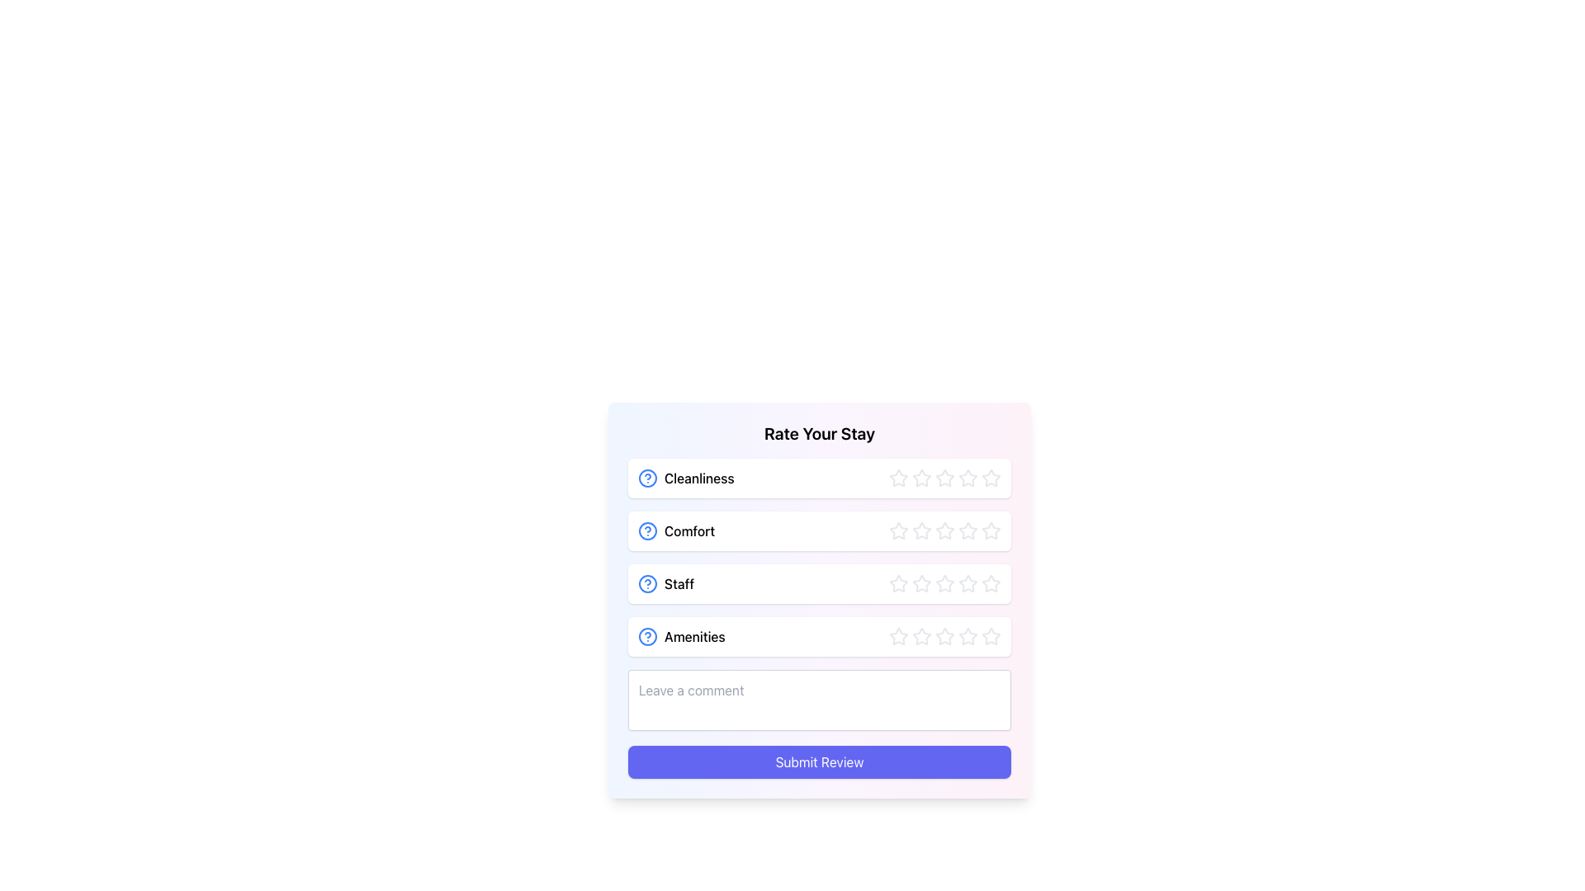 This screenshot has width=1585, height=891. What do you see at coordinates (944, 477) in the screenshot?
I see `the fourth star in the 'Cleanliness' rating row` at bounding box center [944, 477].